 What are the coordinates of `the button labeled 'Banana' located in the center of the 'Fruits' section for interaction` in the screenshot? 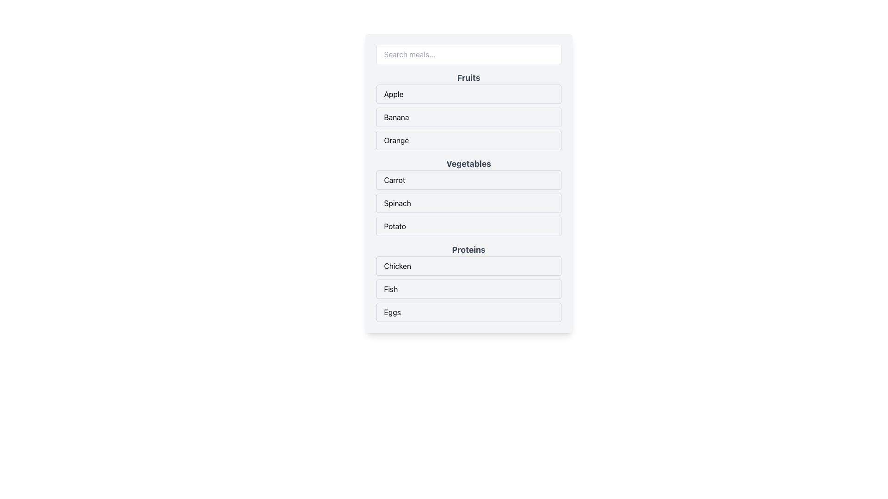 It's located at (469, 117).